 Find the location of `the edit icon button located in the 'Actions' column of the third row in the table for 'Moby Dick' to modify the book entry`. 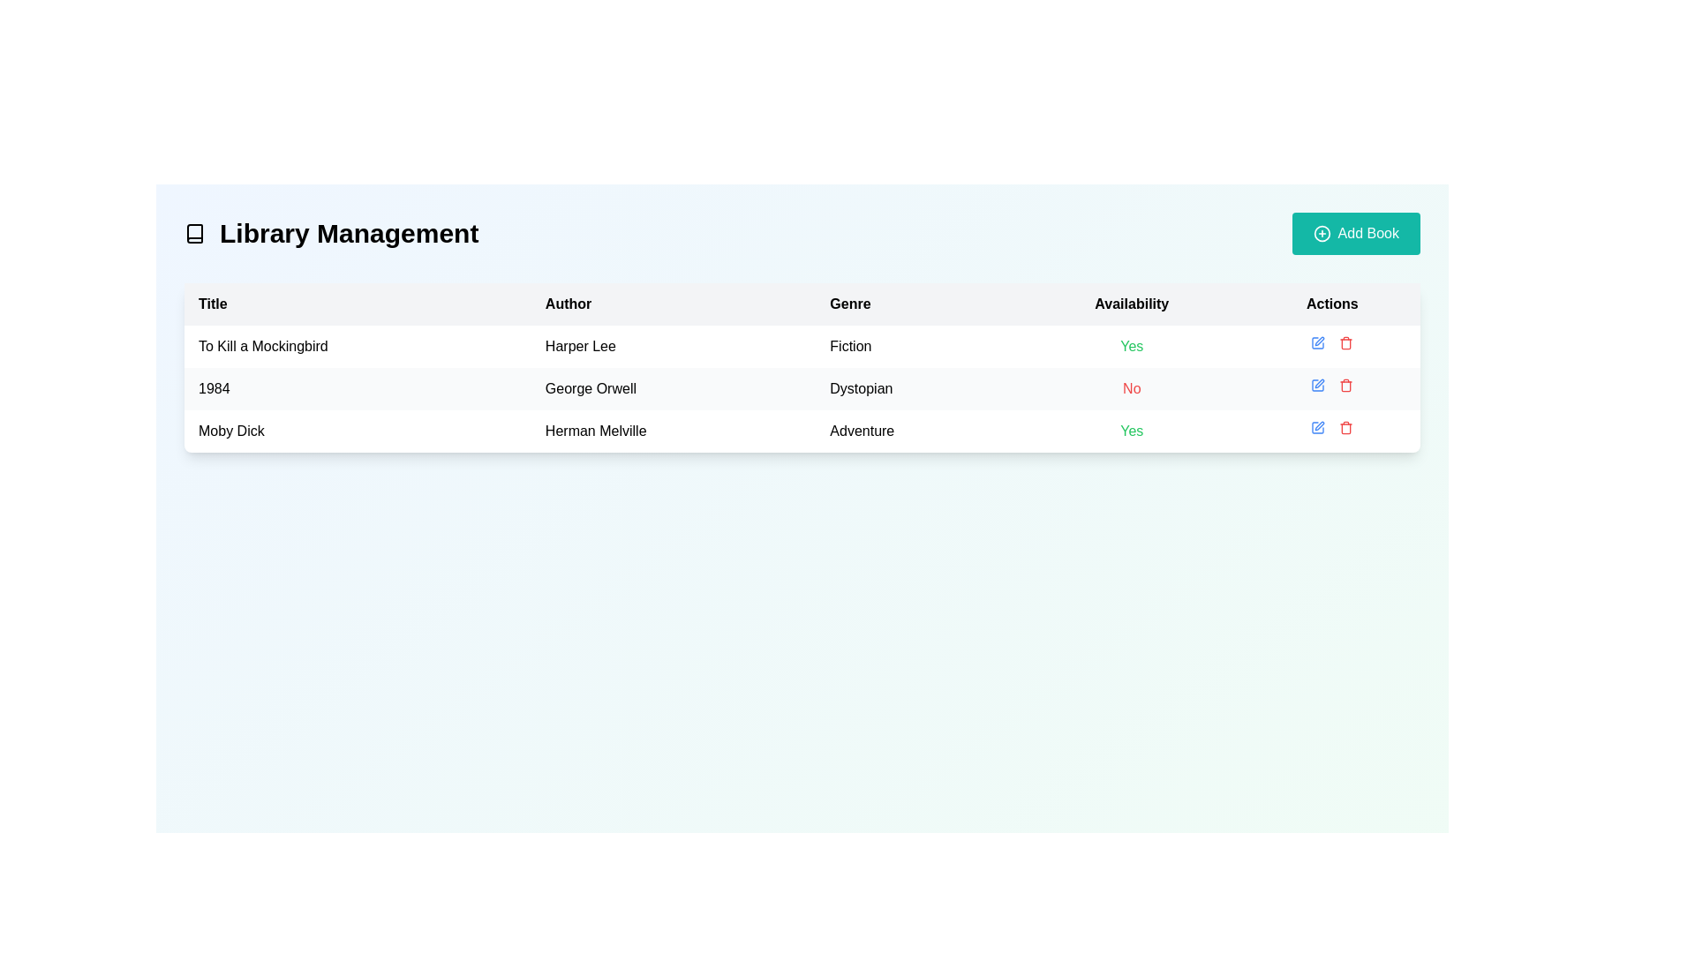

the edit icon button located in the 'Actions' column of the third row in the table for 'Moby Dick' to modify the book entry is located at coordinates (1320, 425).